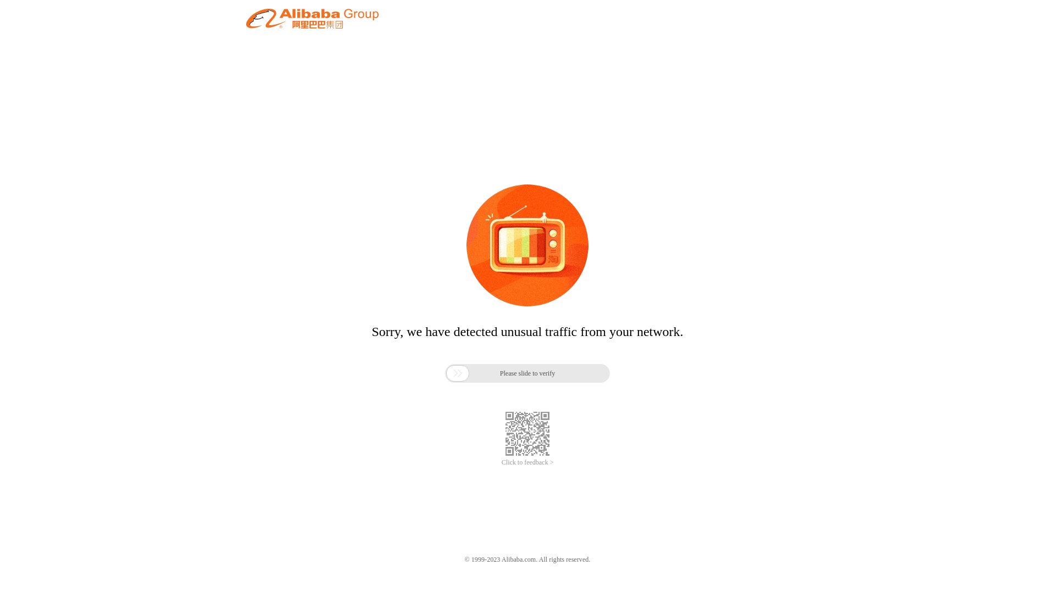  Describe the element at coordinates (527, 462) in the screenshot. I see `'Click to feedback >'` at that location.